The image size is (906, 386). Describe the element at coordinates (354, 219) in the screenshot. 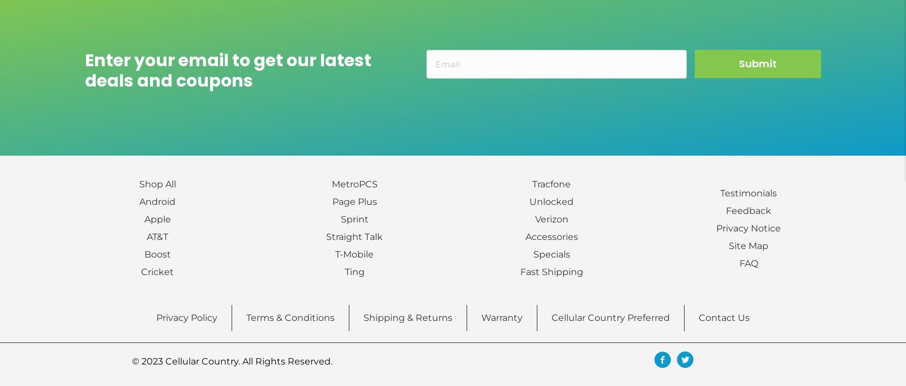

I see `'Sprint'` at that location.